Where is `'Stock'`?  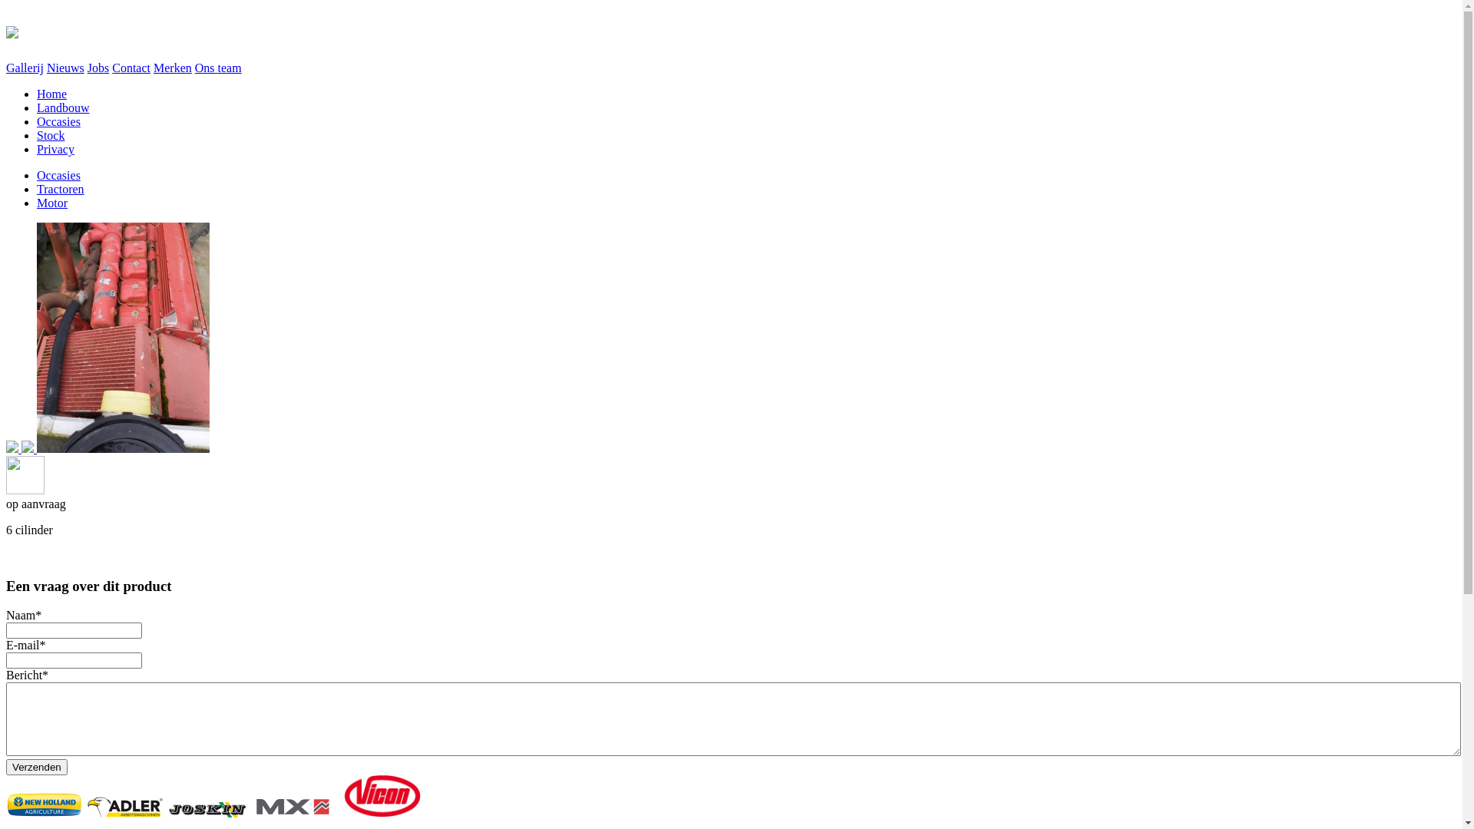
'Stock' is located at coordinates (51, 134).